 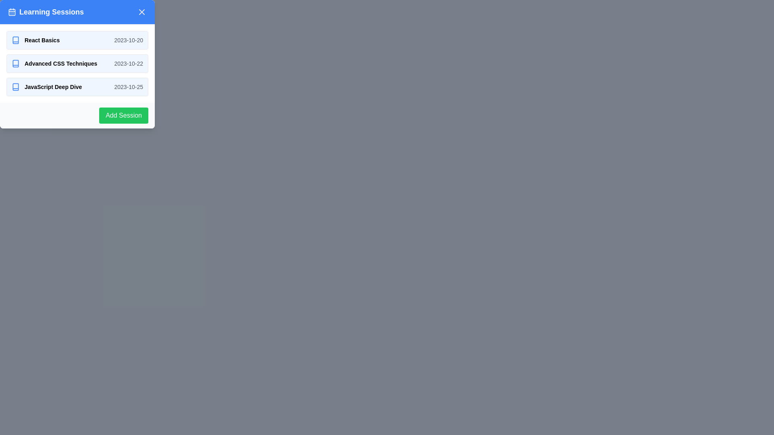 What do you see at coordinates (77, 40) in the screenshot?
I see `the first session entry in the list of learning sessions` at bounding box center [77, 40].